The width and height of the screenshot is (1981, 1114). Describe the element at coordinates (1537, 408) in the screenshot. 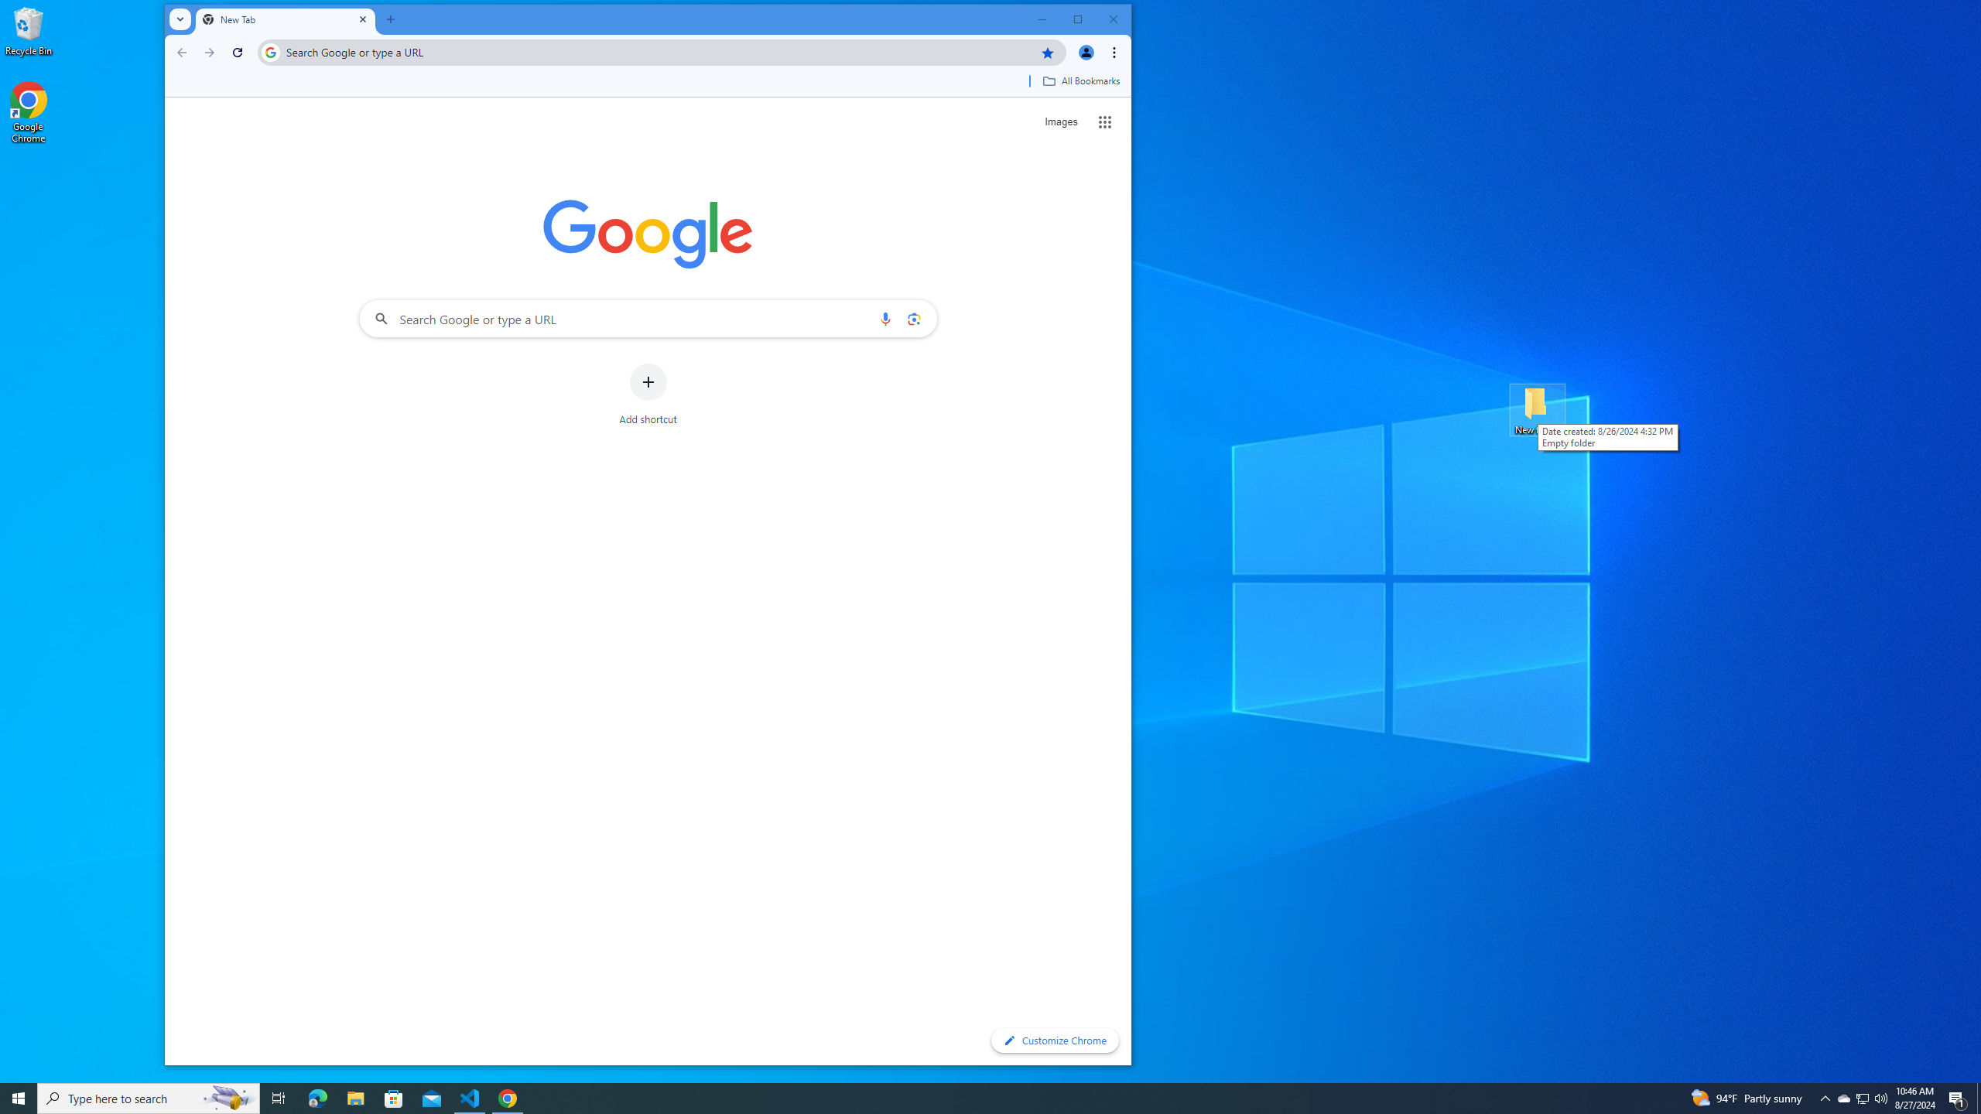

I see `'New folder'` at that location.